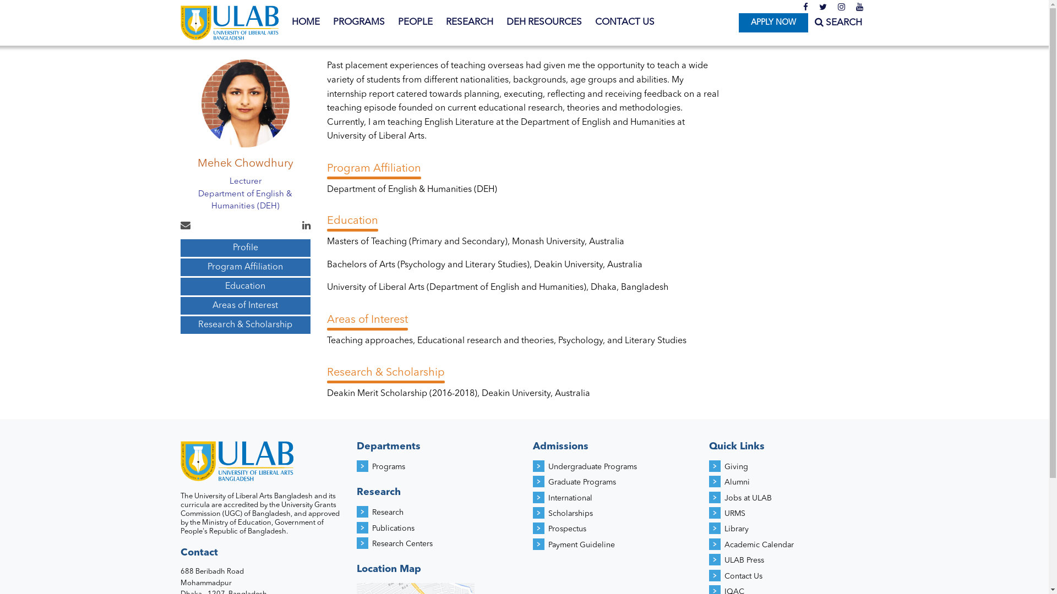  What do you see at coordinates (470, 23) in the screenshot?
I see `'RESEARCH'` at bounding box center [470, 23].